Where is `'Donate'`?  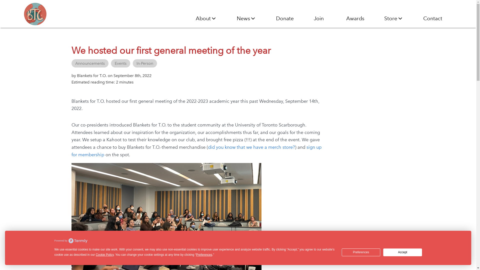 'Donate' is located at coordinates (285, 18).